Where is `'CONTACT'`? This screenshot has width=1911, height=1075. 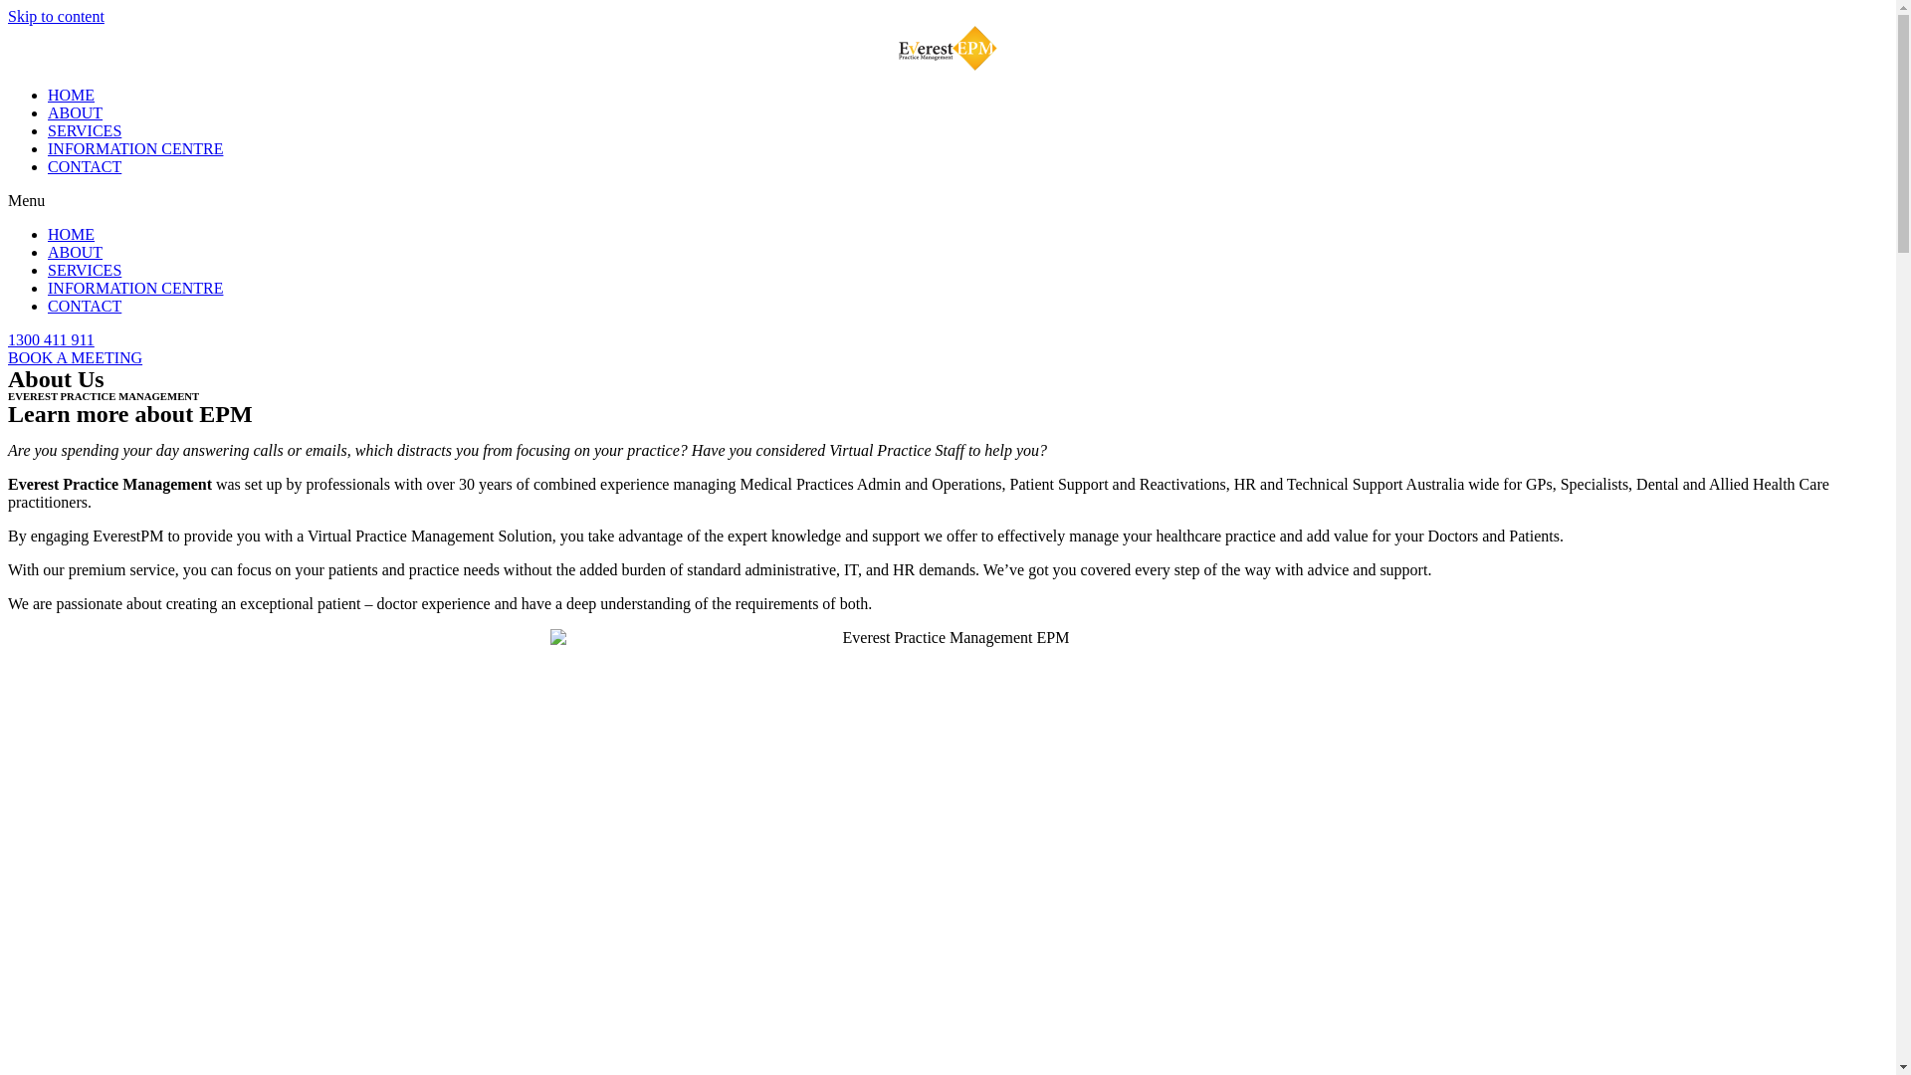 'CONTACT' is located at coordinates (84, 165).